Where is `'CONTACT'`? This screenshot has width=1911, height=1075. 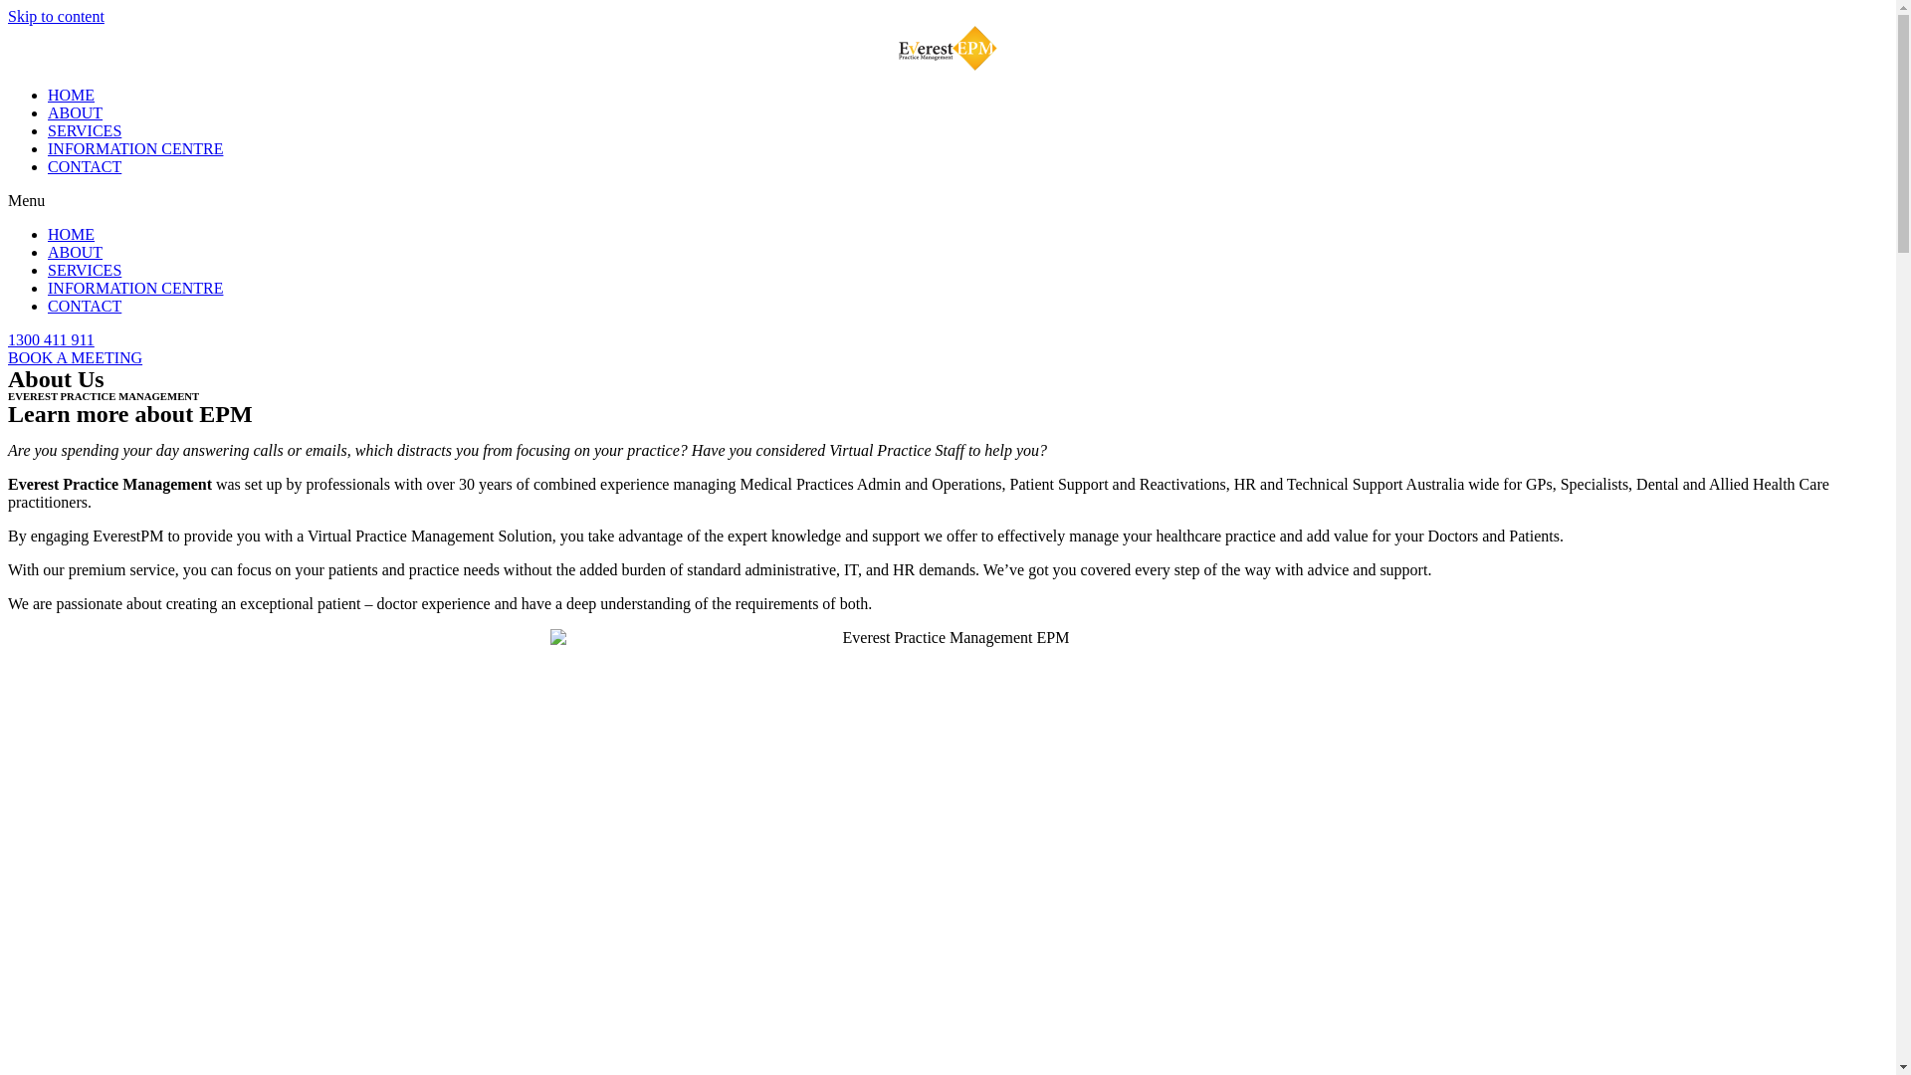 'CONTACT' is located at coordinates (84, 165).